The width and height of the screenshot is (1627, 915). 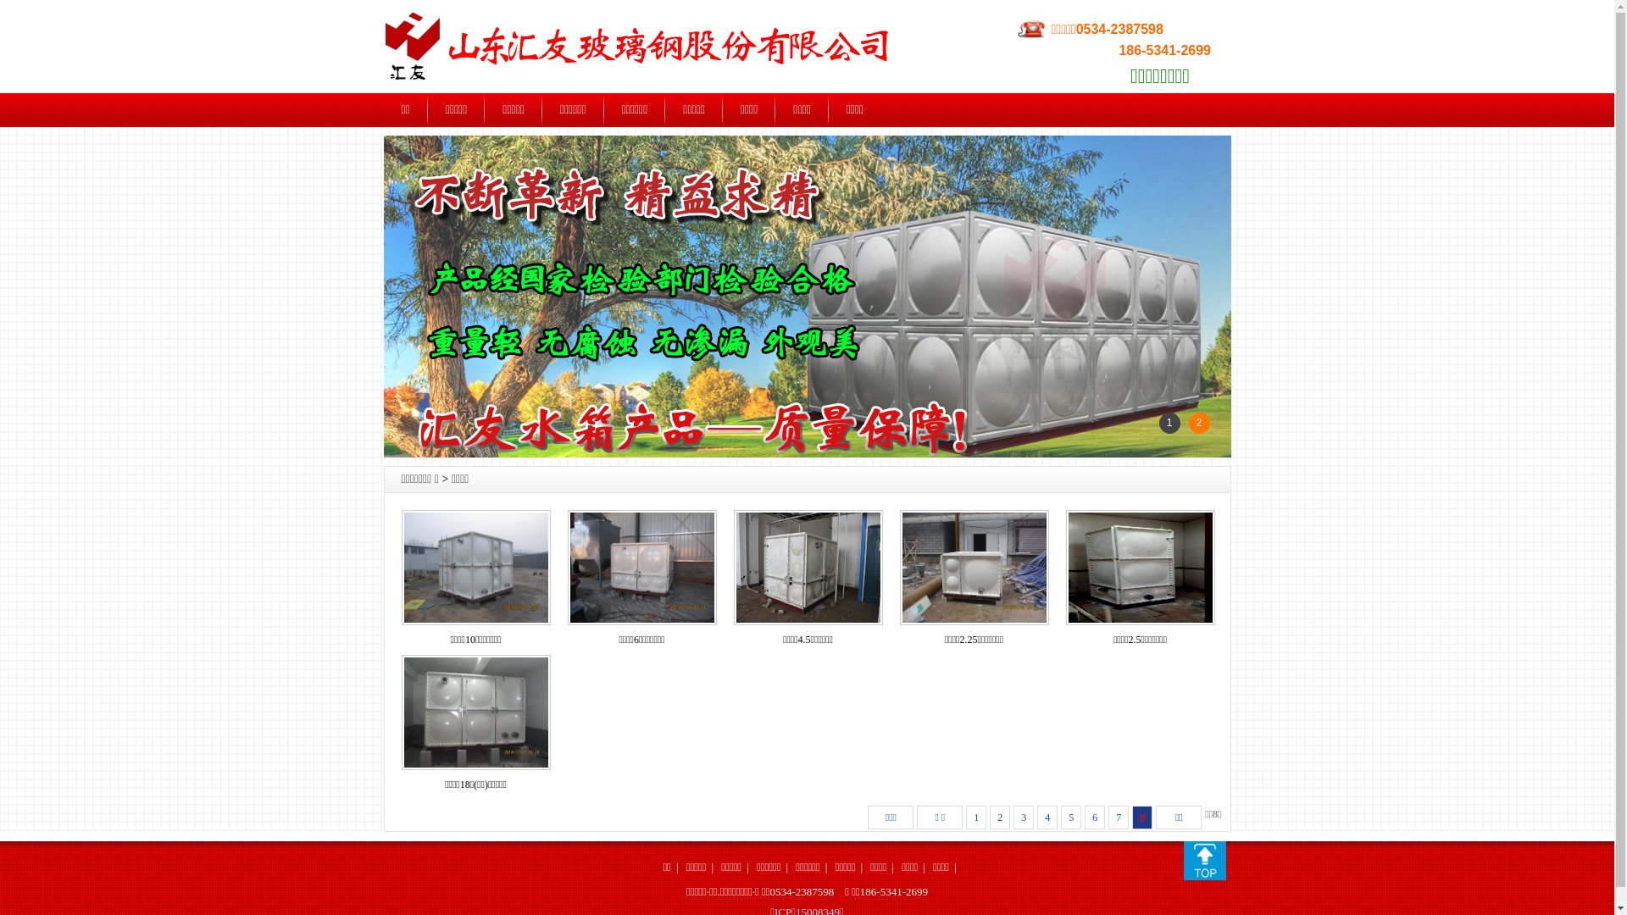 I want to click on '8', so click(x=1142, y=816).